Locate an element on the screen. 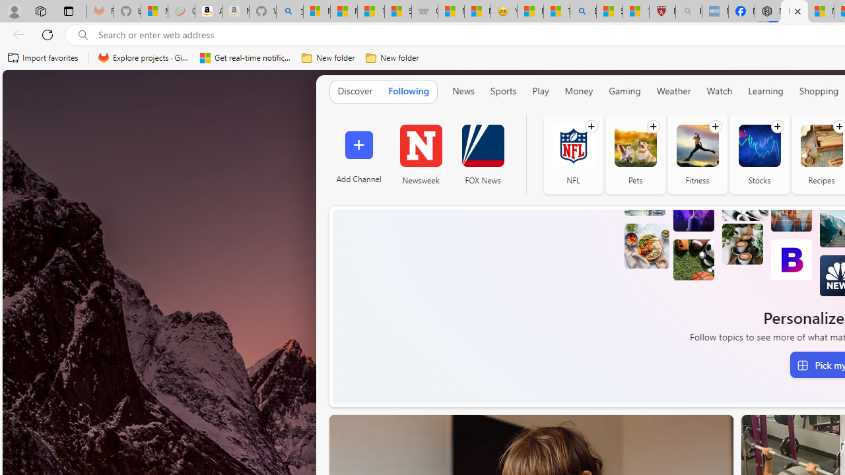 This screenshot has width=845, height=475. 'Stocks' is located at coordinates (759, 154).